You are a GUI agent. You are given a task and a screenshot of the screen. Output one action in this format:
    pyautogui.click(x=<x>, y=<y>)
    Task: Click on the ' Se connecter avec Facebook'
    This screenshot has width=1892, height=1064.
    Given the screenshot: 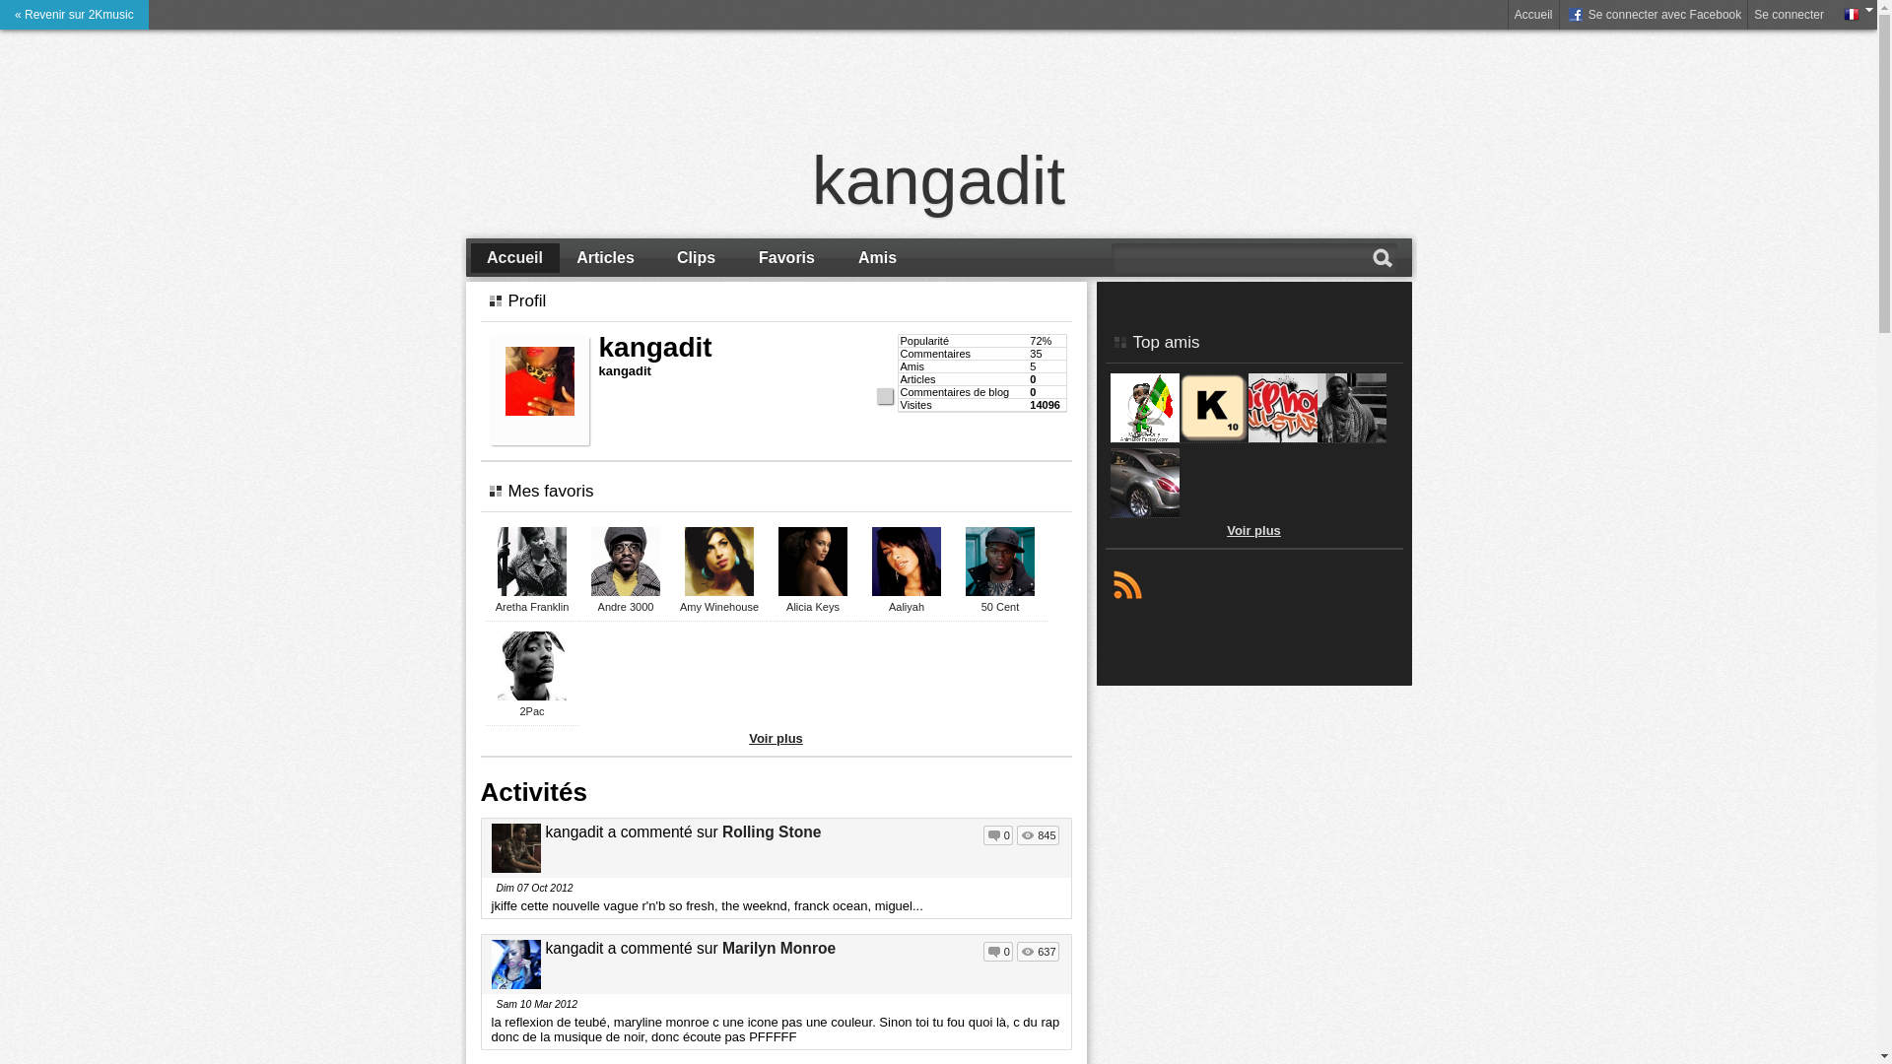 What is the action you would take?
    pyautogui.click(x=1654, y=15)
    